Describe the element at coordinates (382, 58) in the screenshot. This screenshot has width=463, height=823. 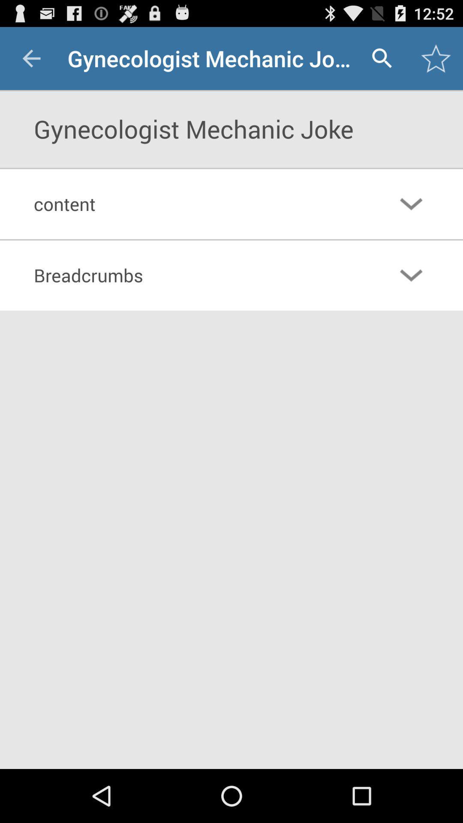
I see `item next to the gynecologist mechanic joke item` at that location.